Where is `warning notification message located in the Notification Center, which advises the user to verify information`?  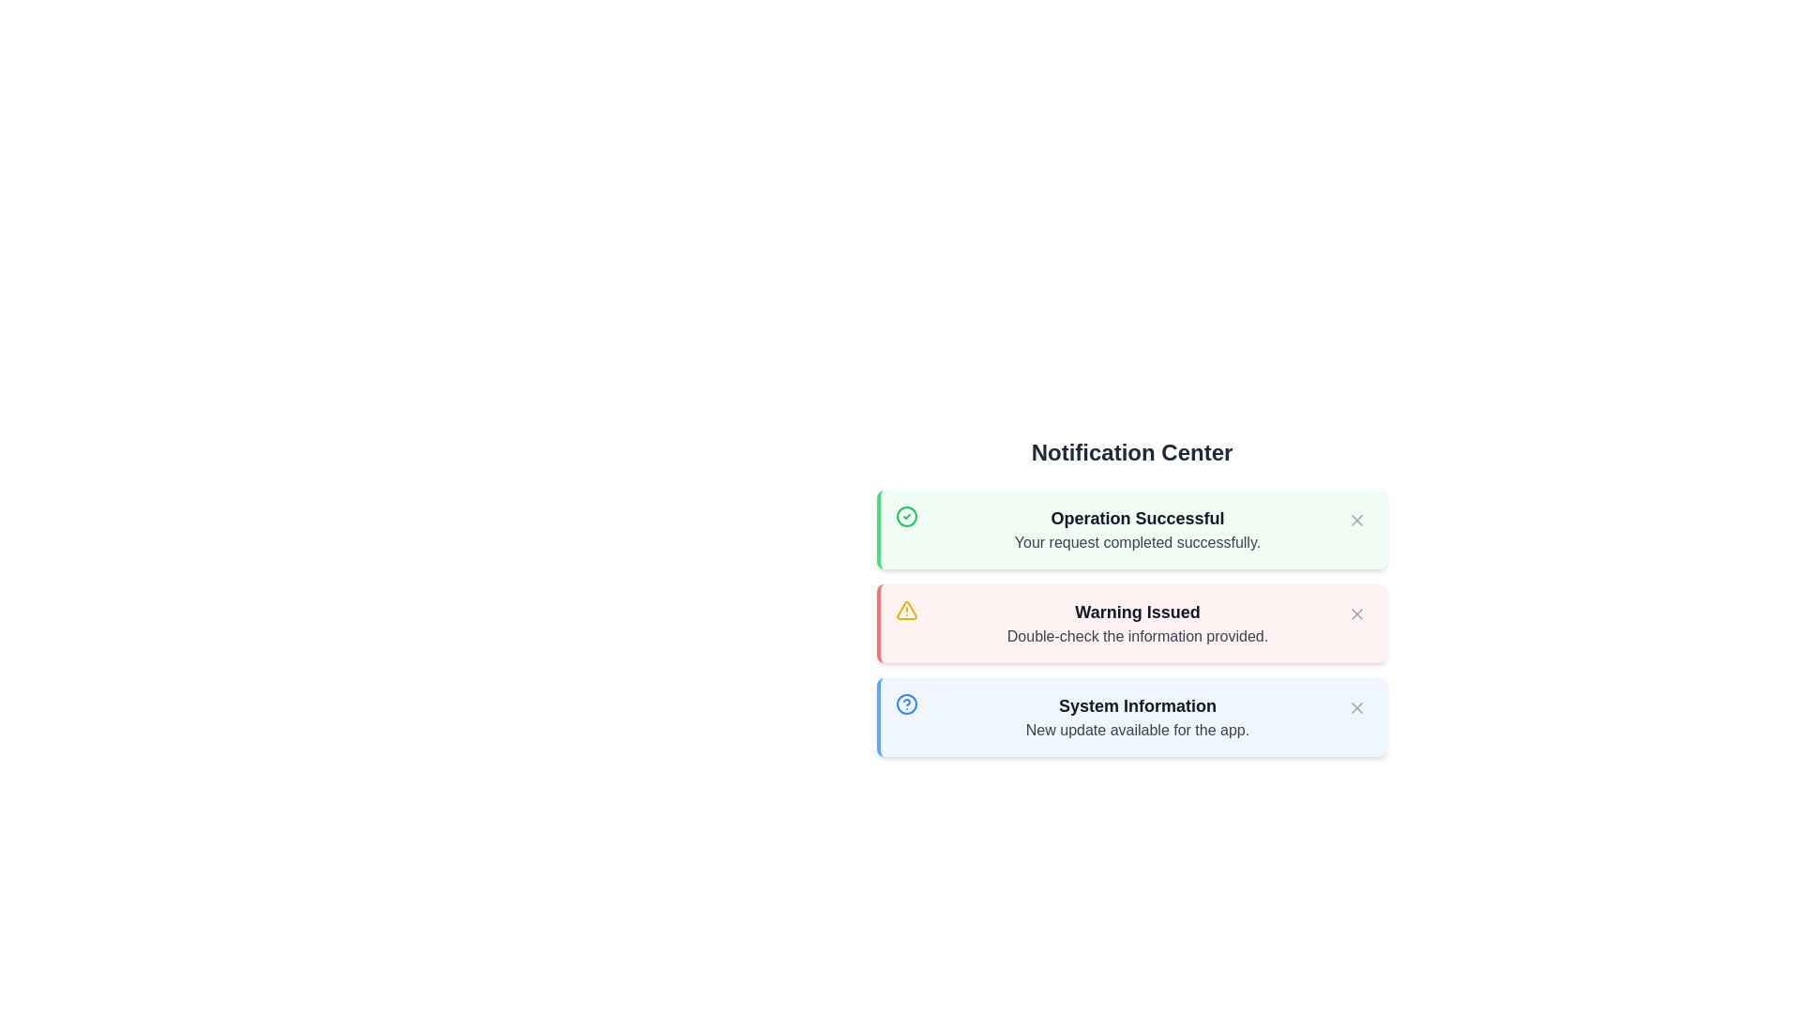 warning notification message located in the Notification Center, which advises the user to verify information is located at coordinates (1137, 623).